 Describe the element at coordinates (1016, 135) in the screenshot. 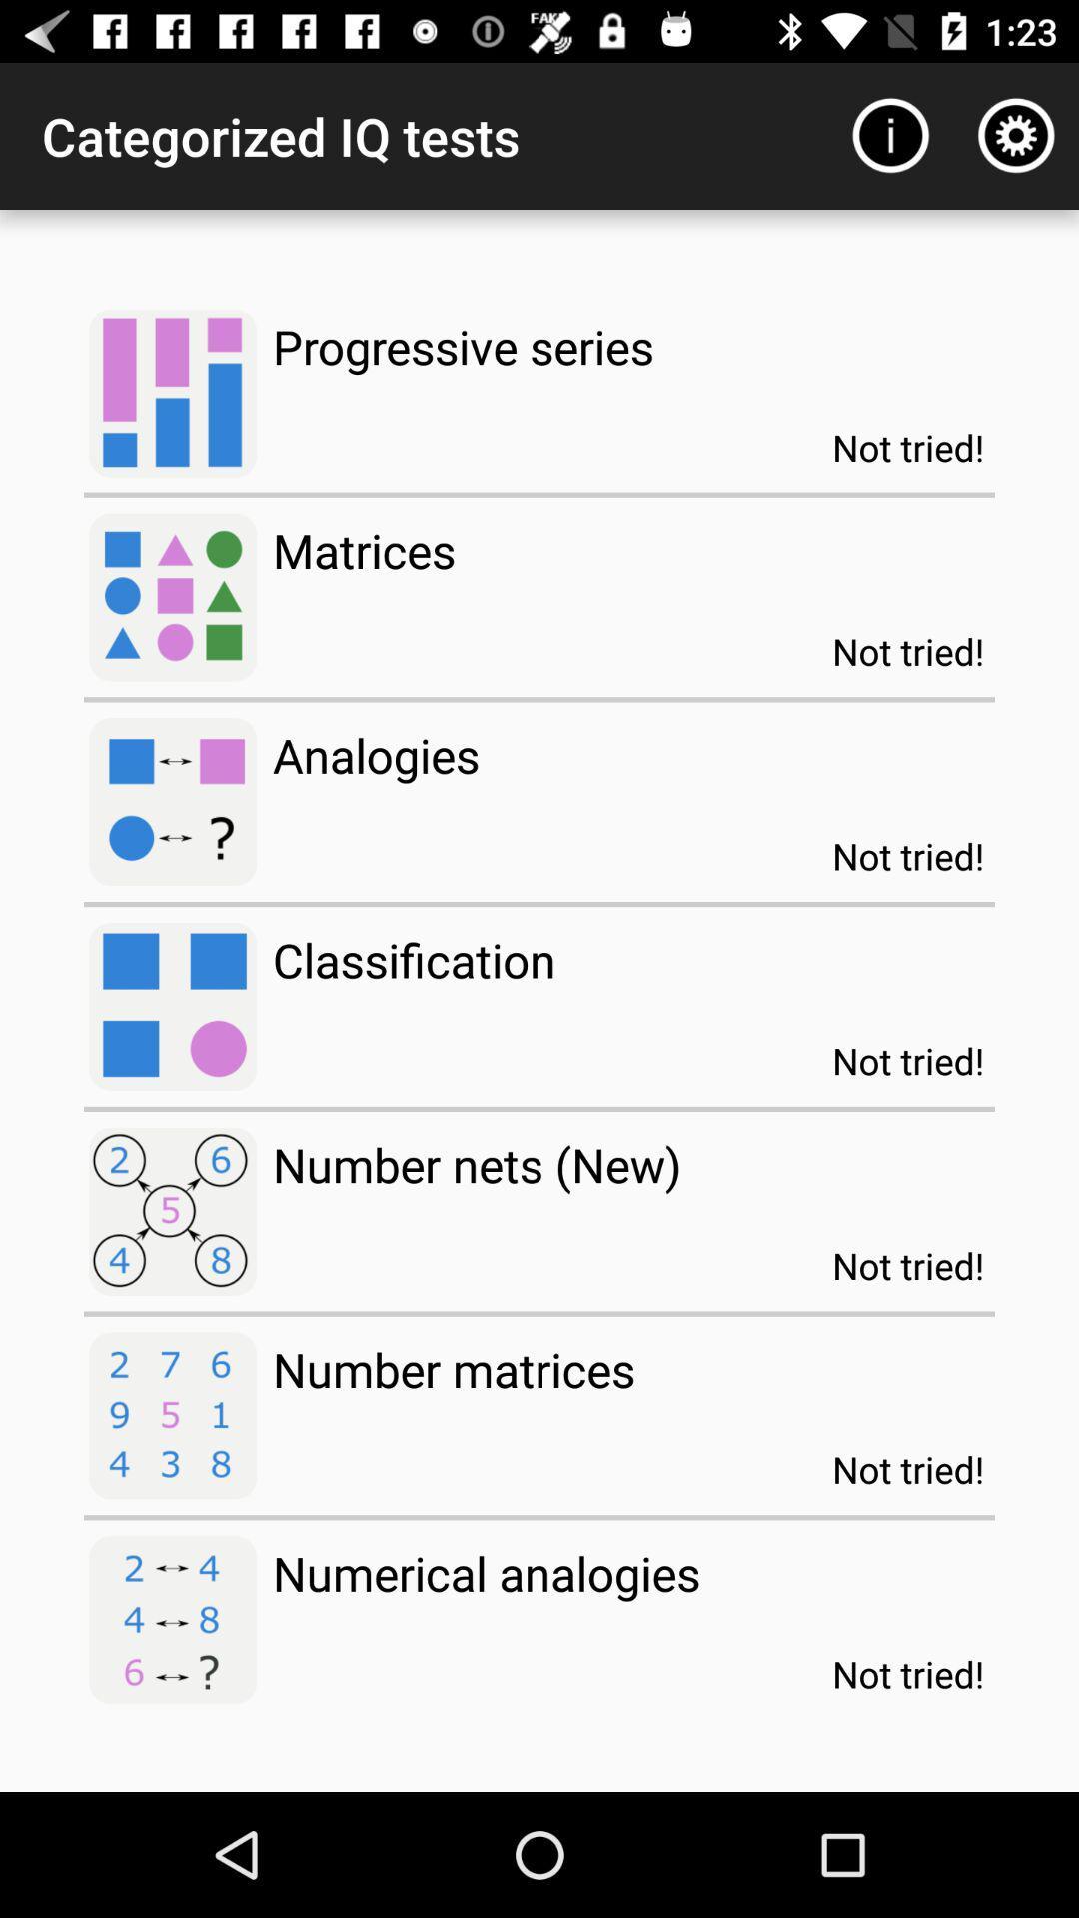

I see `the item above the not tried!` at that location.